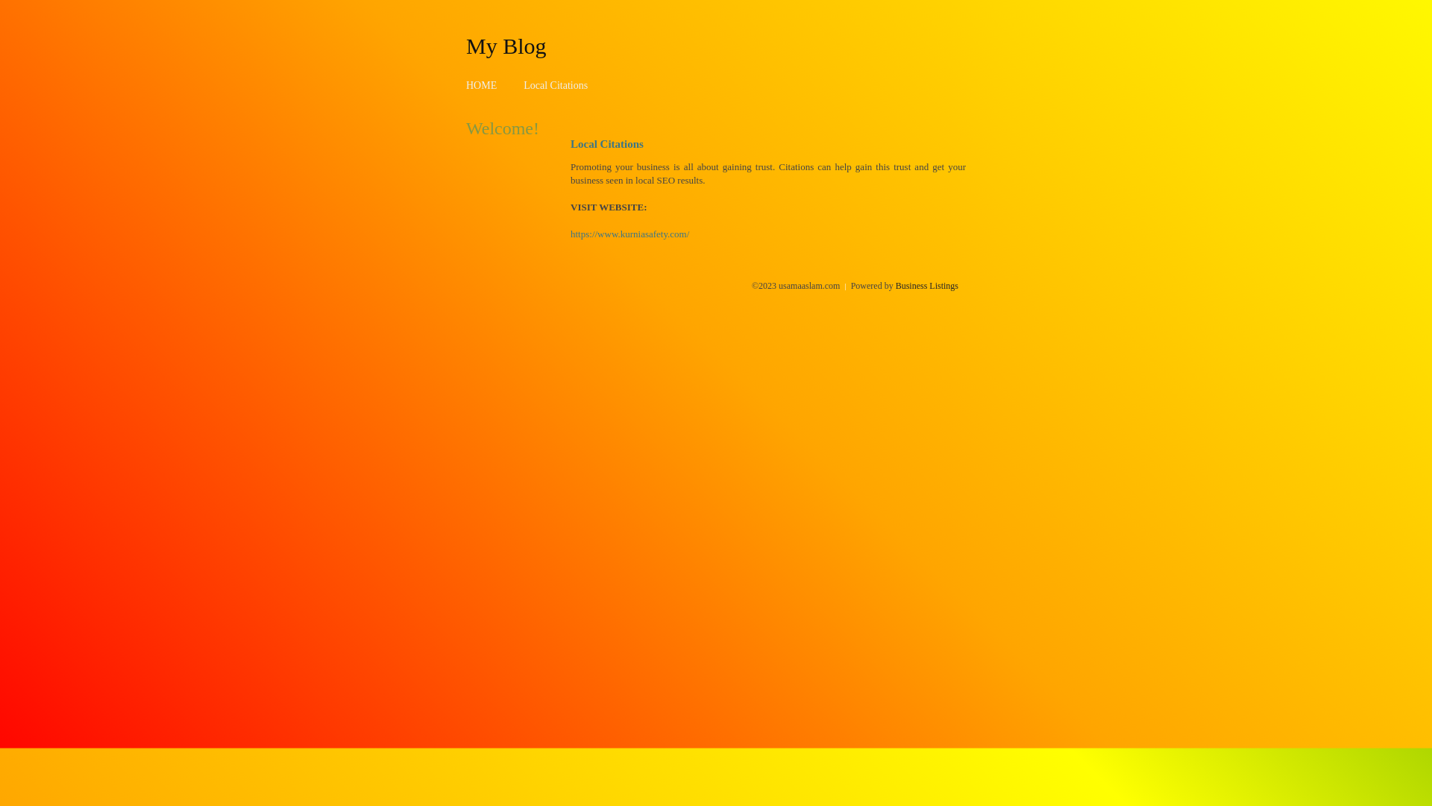 Image resolution: width=1432 pixels, height=806 pixels. Describe the element at coordinates (926, 285) in the screenshot. I see `'Business Listings'` at that location.